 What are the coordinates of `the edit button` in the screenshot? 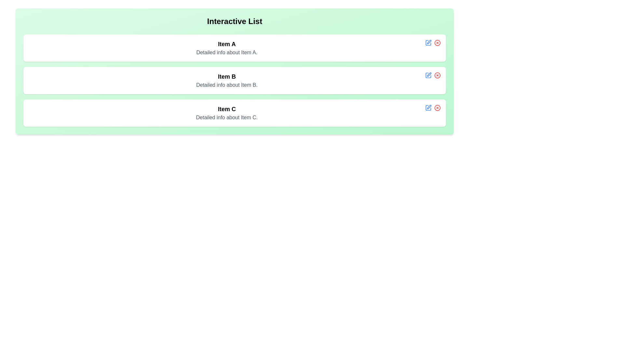 It's located at (428, 43).